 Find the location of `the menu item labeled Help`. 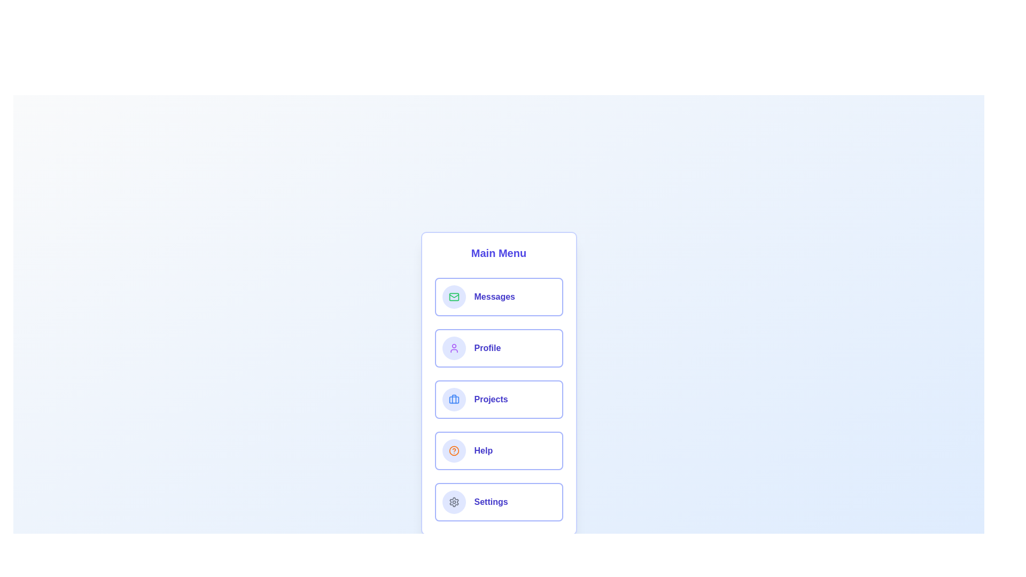

the menu item labeled Help is located at coordinates (498, 451).